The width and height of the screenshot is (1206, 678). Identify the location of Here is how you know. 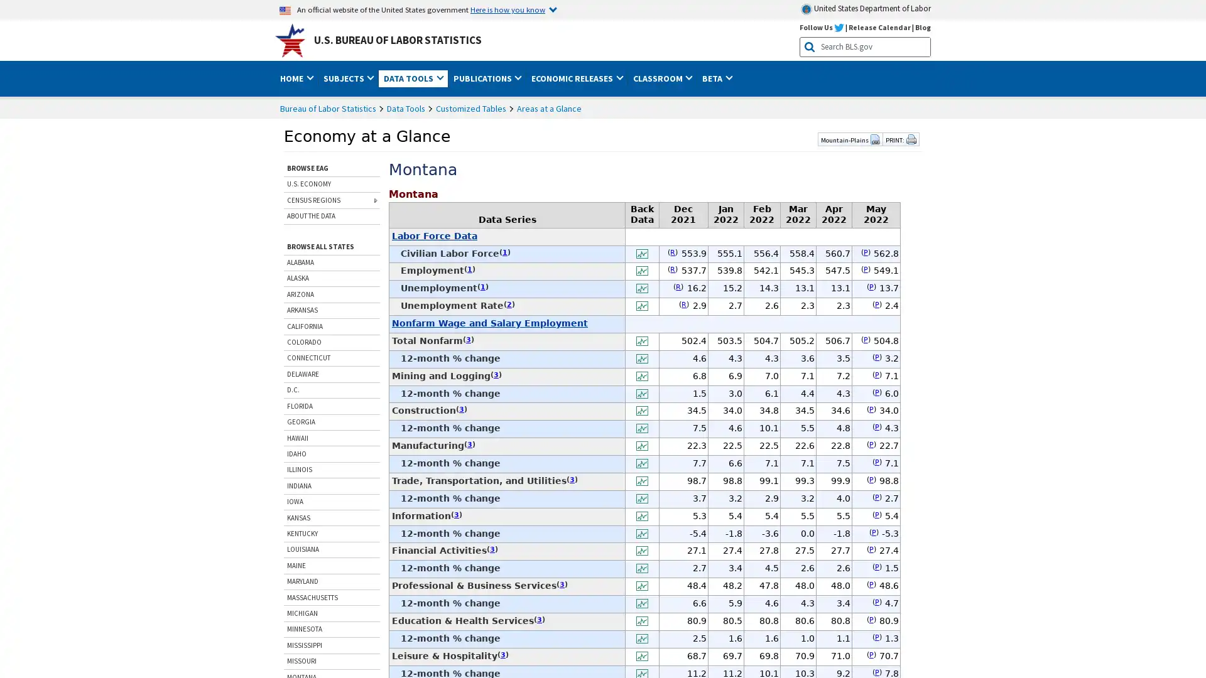
(513, 9).